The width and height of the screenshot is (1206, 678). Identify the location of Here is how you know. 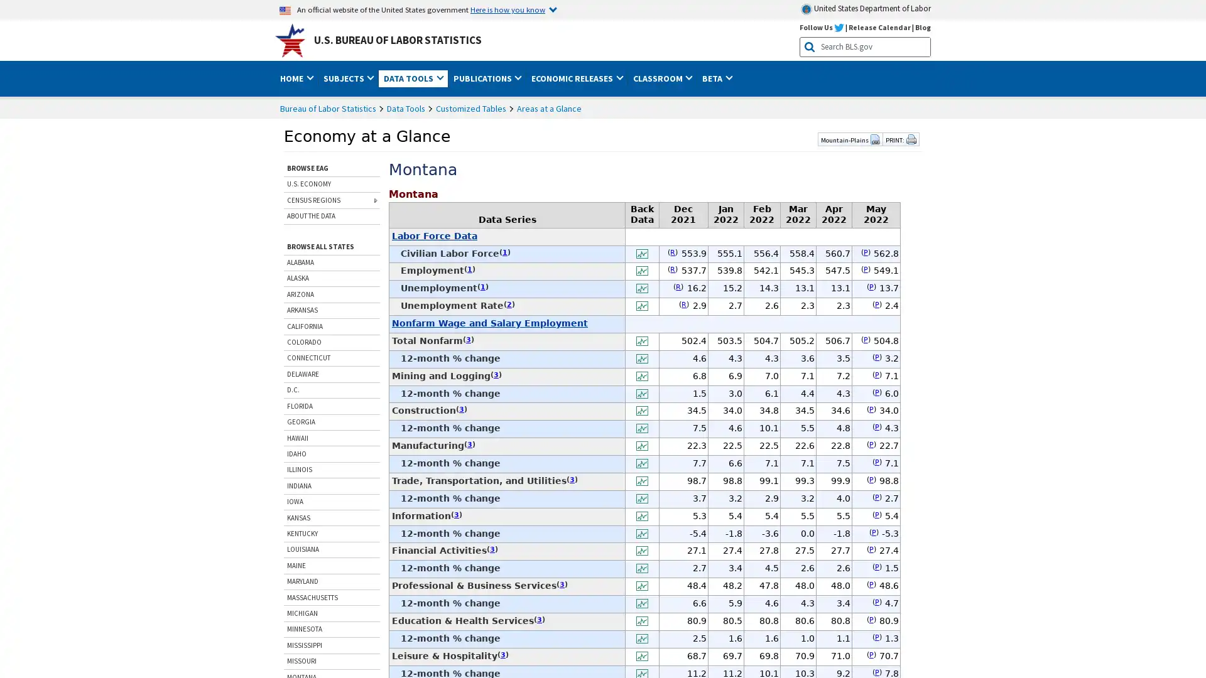
(513, 9).